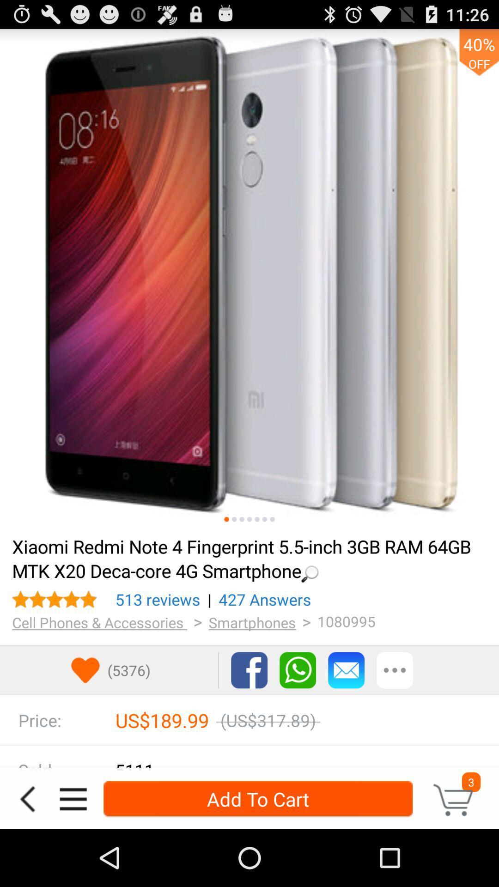  I want to click on the item above loading... icon, so click(241, 519).